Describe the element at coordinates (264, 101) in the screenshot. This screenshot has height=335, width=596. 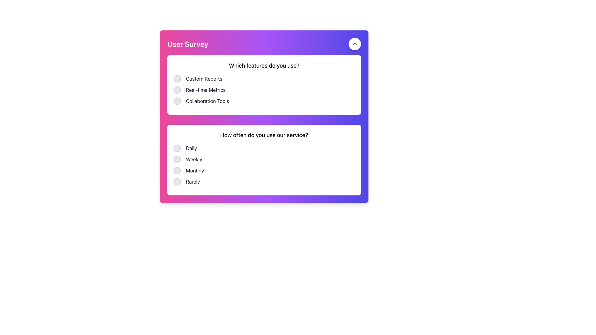
I see `to select the 'Collaboration Tools' option in the selectable list under the section 'Which features do you use?'` at that location.